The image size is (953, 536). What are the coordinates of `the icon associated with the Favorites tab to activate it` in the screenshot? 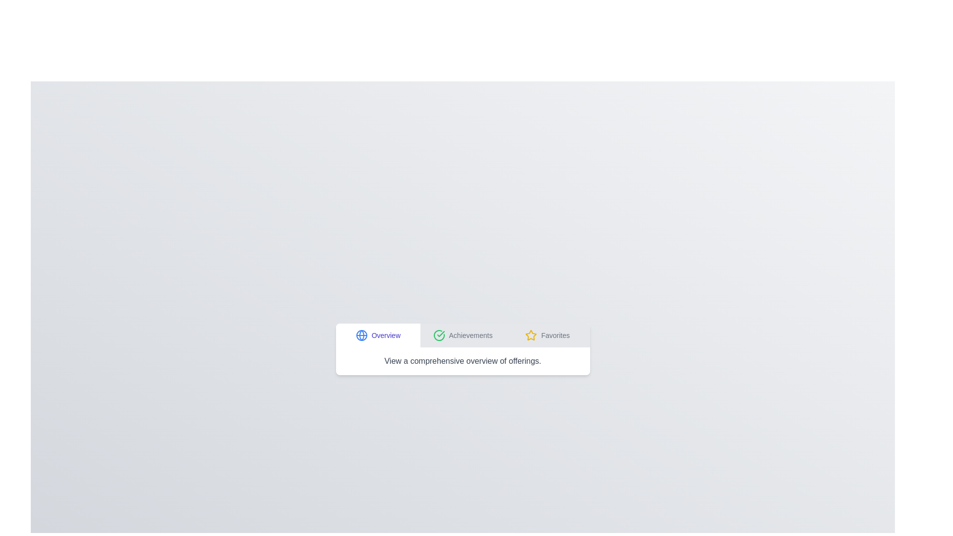 It's located at (531, 335).